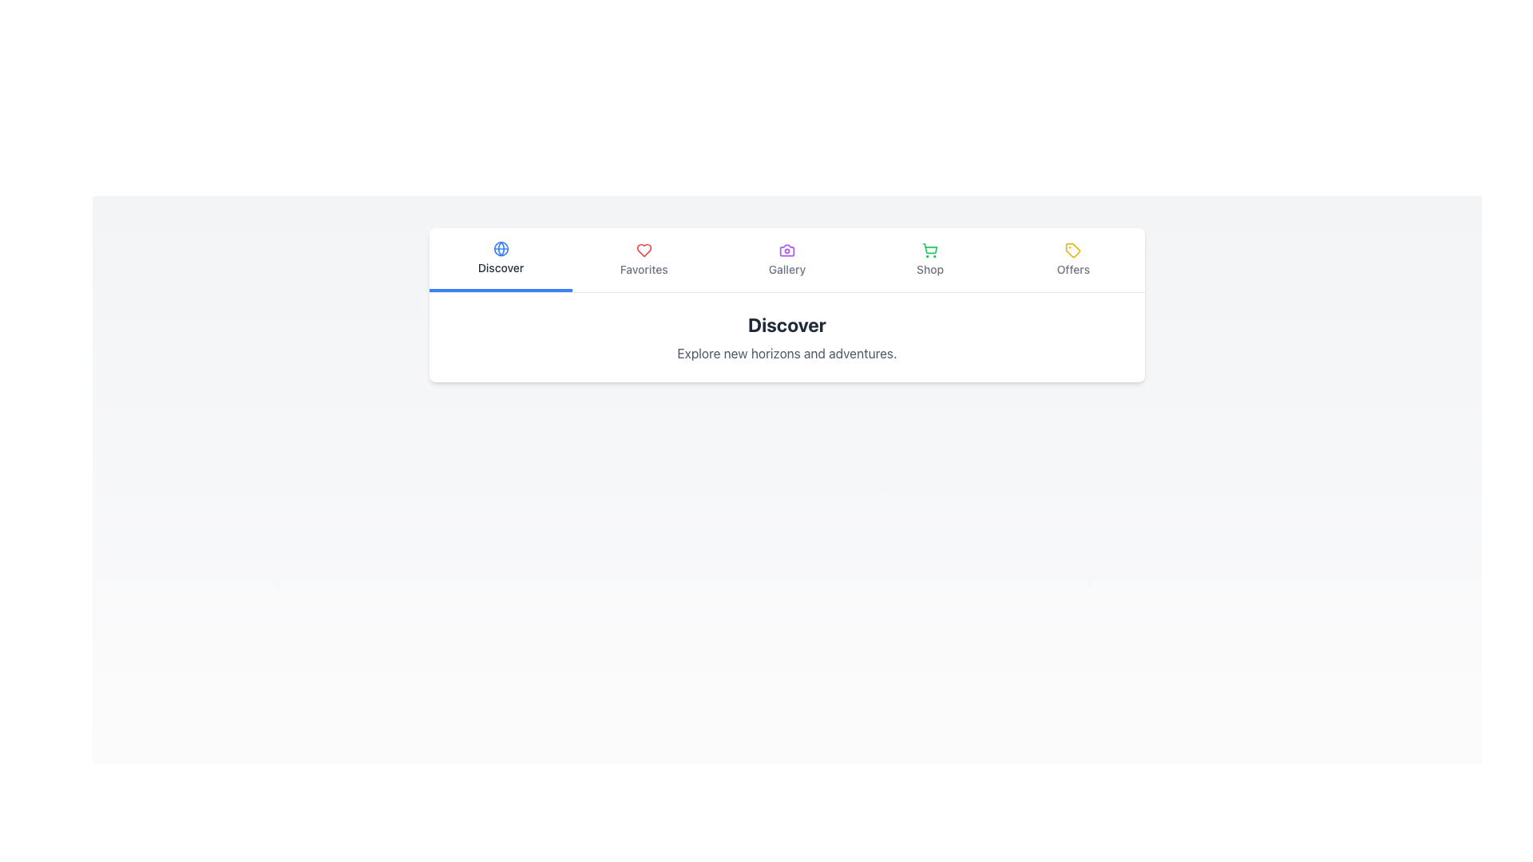 This screenshot has width=1533, height=862. I want to click on text label 'Favorites' which is styled in a small and medium-weight font, positioned below a red heart icon, and is the second item in a horizontal menu bar, so click(644, 269).